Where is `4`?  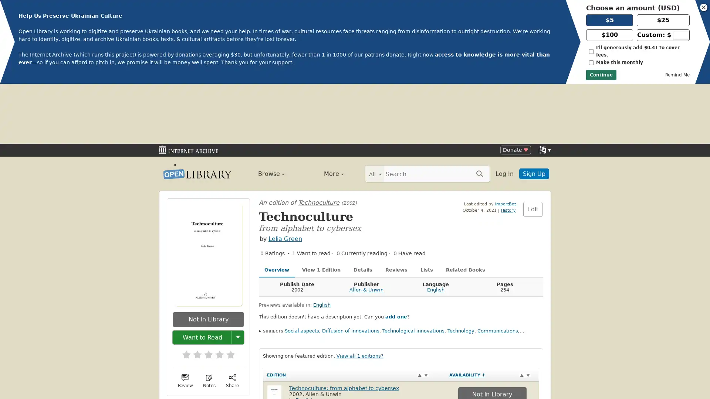 4 is located at coordinates (216, 292).